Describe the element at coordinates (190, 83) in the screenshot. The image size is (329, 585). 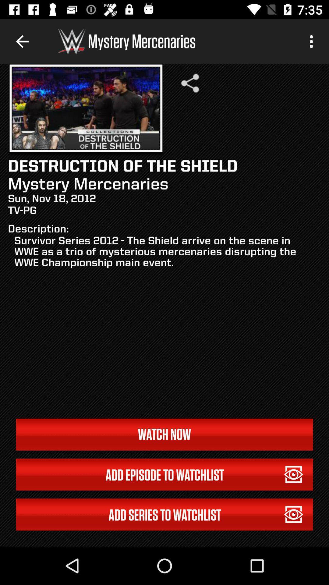
I see `the share icon` at that location.